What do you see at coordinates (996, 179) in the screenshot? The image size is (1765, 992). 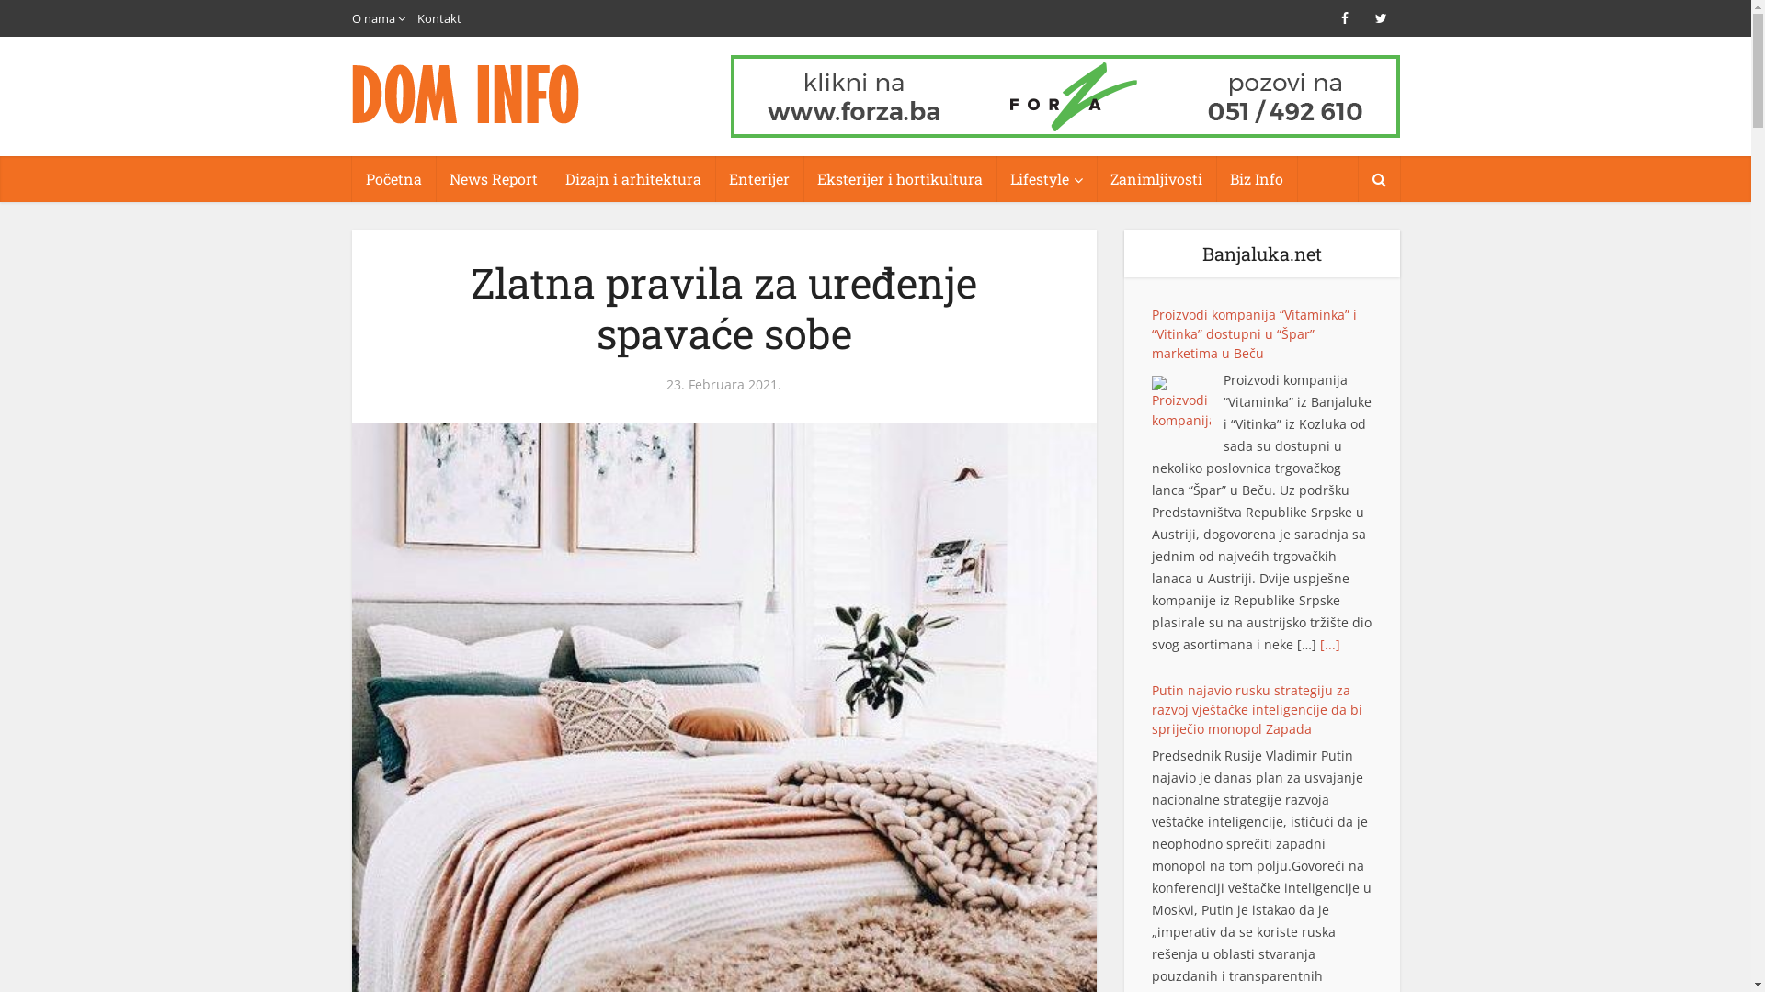 I see `'Lifestyle'` at bounding box center [996, 179].